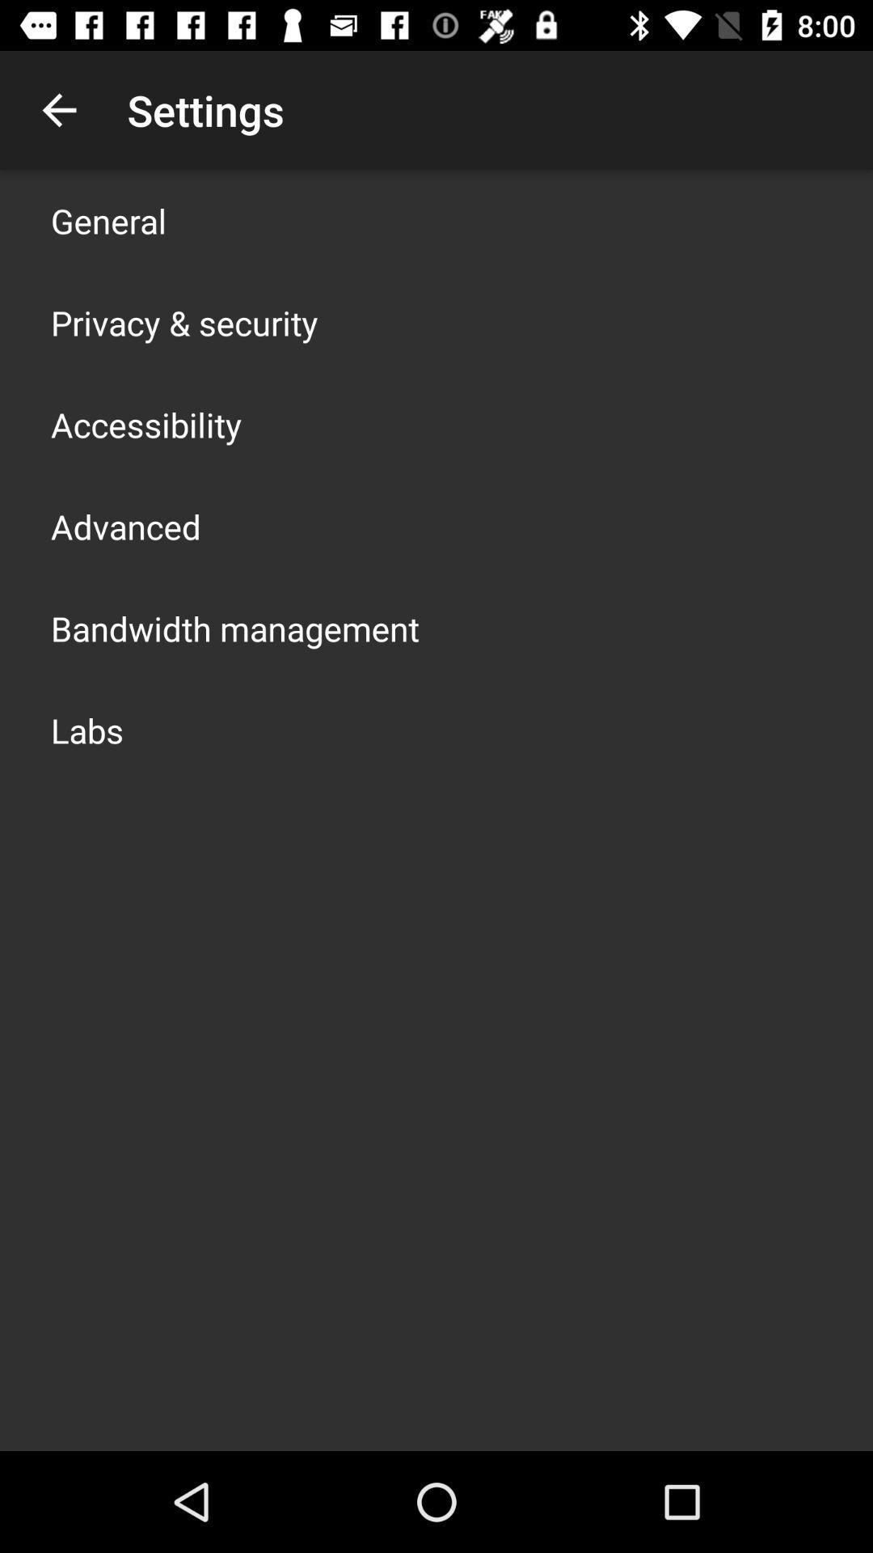  What do you see at coordinates (87, 729) in the screenshot?
I see `the labs` at bounding box center [87, 729].